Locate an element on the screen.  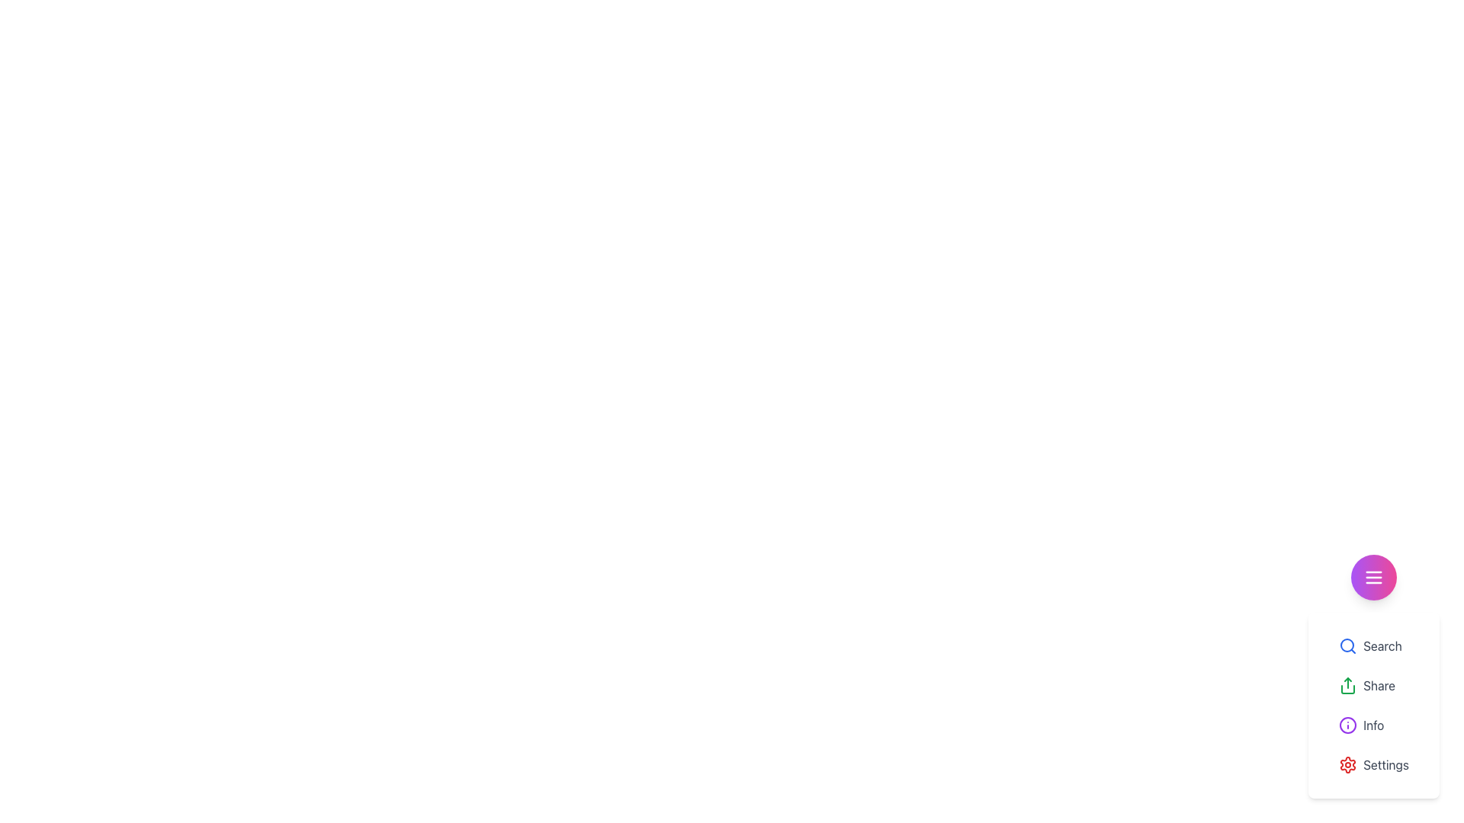
the SVG Circle that serves as the outermost component of an information icon located under the fourth item in a vertical menu is located at coordinates (1348, 725).